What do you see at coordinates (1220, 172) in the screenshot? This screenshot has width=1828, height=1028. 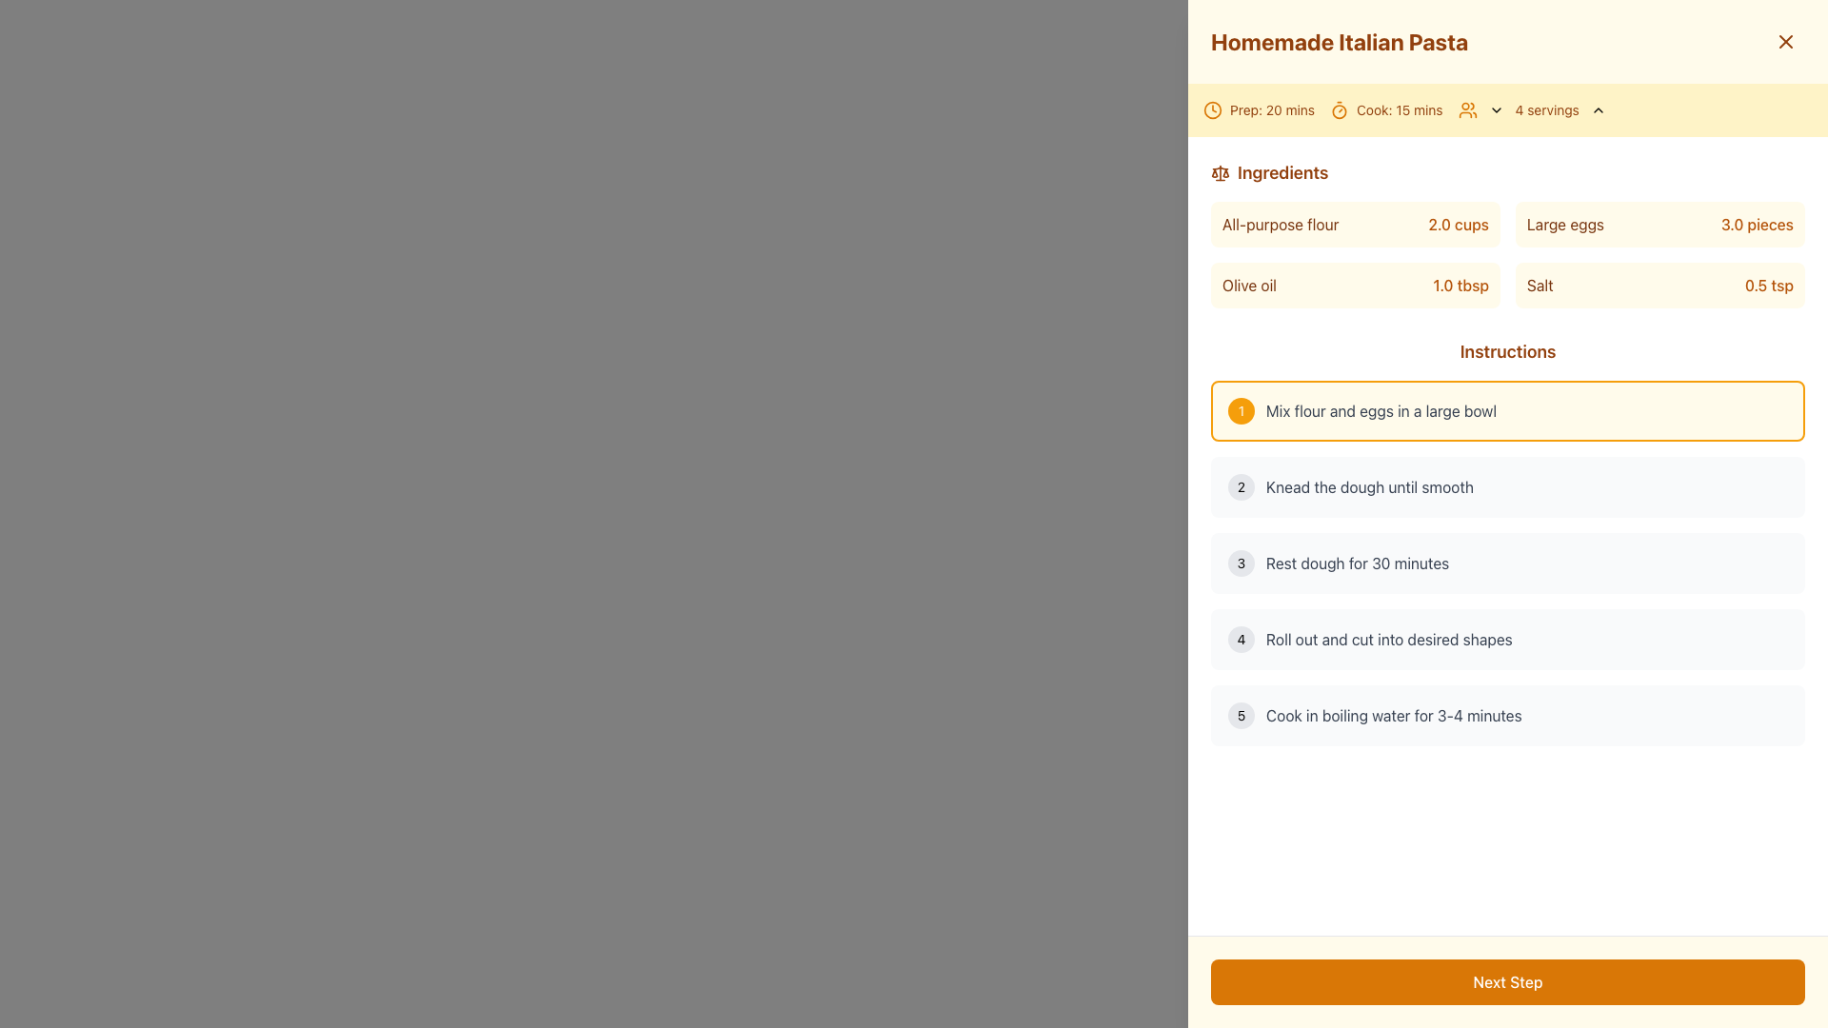 I see `the decorative icon representing balance or measurement located to the left of the 'Ingredients' text in the recipe section` at bounding box center [1220, 172].